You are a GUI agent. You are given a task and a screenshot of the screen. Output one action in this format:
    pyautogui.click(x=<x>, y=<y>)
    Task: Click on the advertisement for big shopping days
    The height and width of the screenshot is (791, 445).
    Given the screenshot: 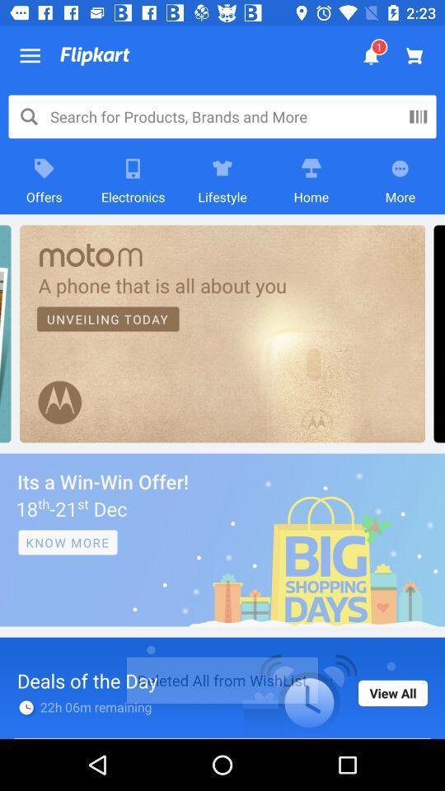 What is the action you would take?
    pyautogui.click(x=222, y=539)
    